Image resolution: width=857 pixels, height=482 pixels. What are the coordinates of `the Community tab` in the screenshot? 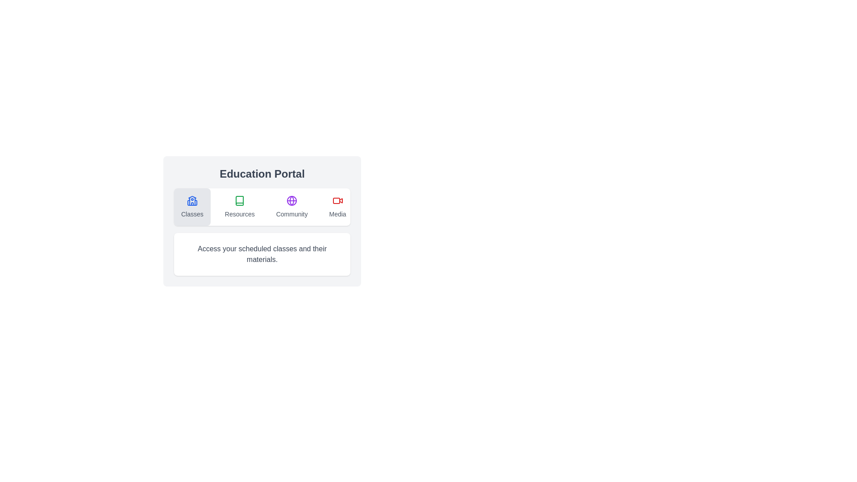 It's located at (291, 207).